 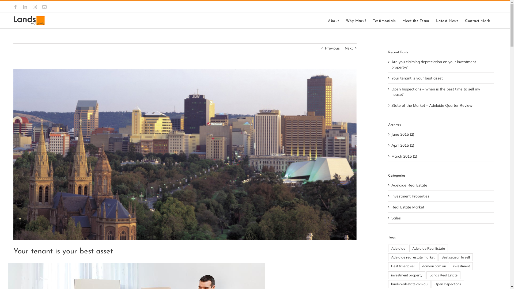 What do you see at coordinates (409, 284) in the screenshot?
I see `'landsrealestate.com.au'` at bounding box center [409, 284].